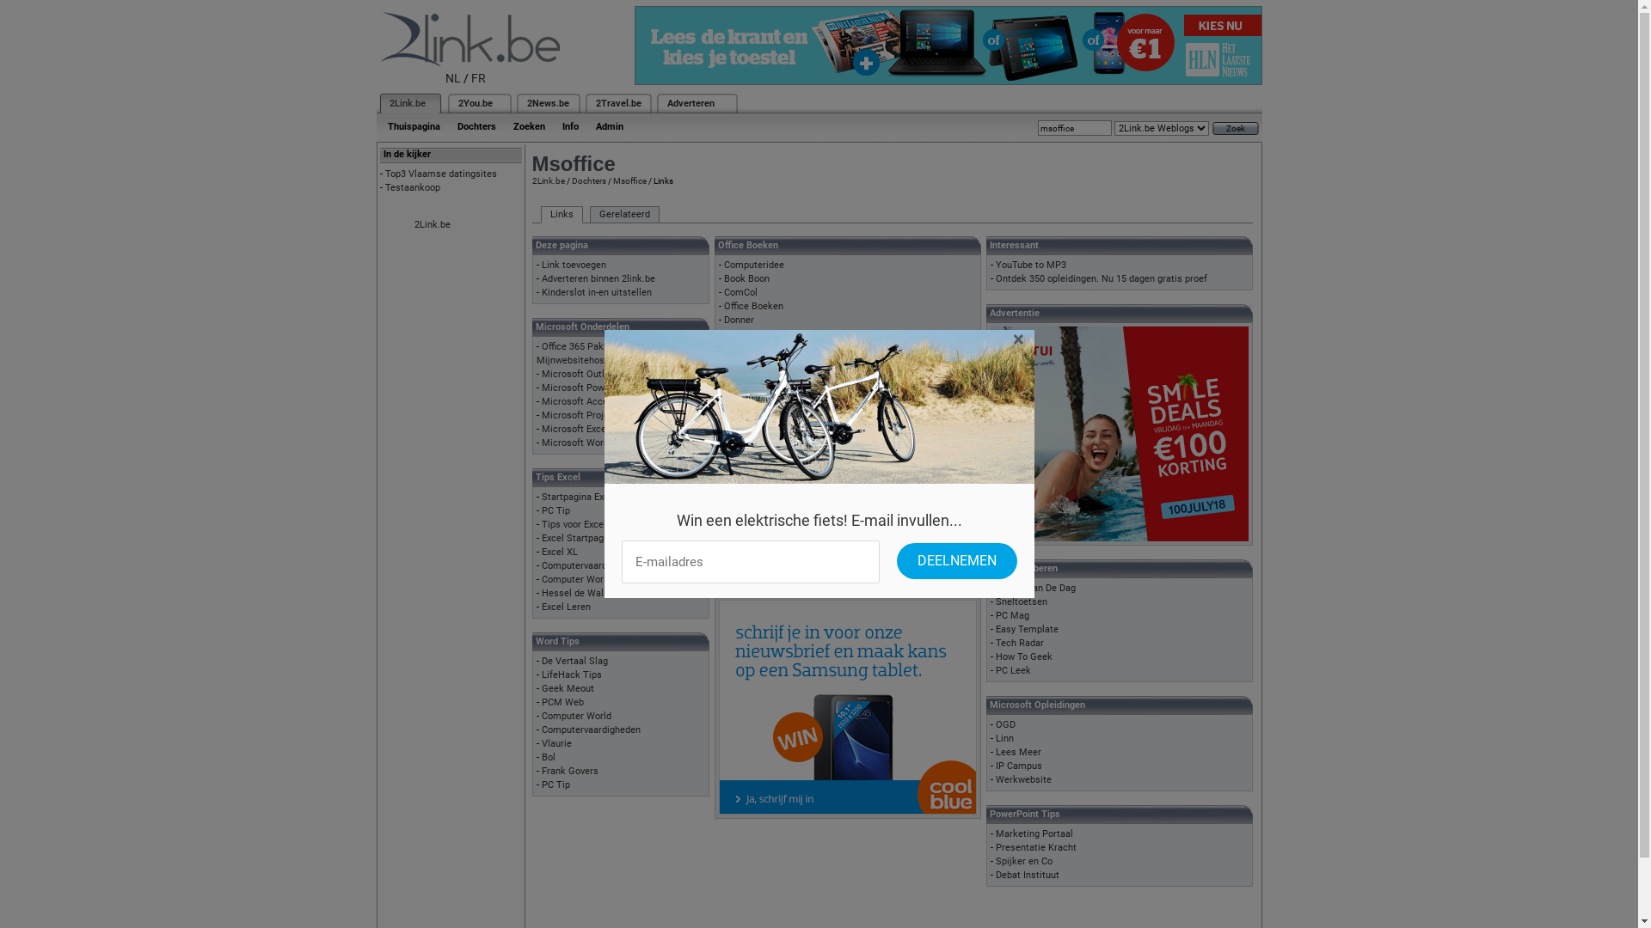  What do you see at coordinates (580, 373) in the screenshot?
I see `'Microsoft Outlook'` at bounding box center [580, 373].